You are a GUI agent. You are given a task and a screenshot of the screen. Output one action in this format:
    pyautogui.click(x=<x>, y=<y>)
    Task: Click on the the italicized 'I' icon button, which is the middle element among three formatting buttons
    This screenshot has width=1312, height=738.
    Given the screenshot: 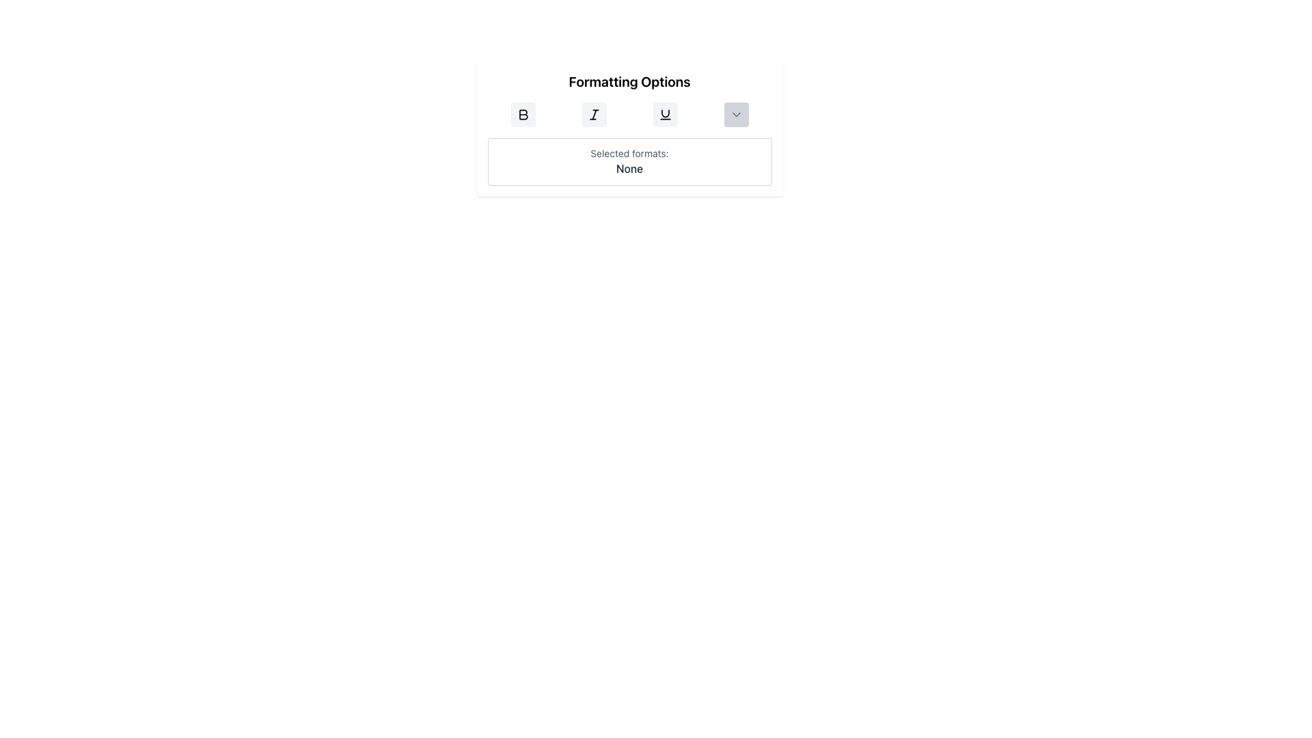 What is the action you would take?
    pyautogui.click(x=594, y=114)
    